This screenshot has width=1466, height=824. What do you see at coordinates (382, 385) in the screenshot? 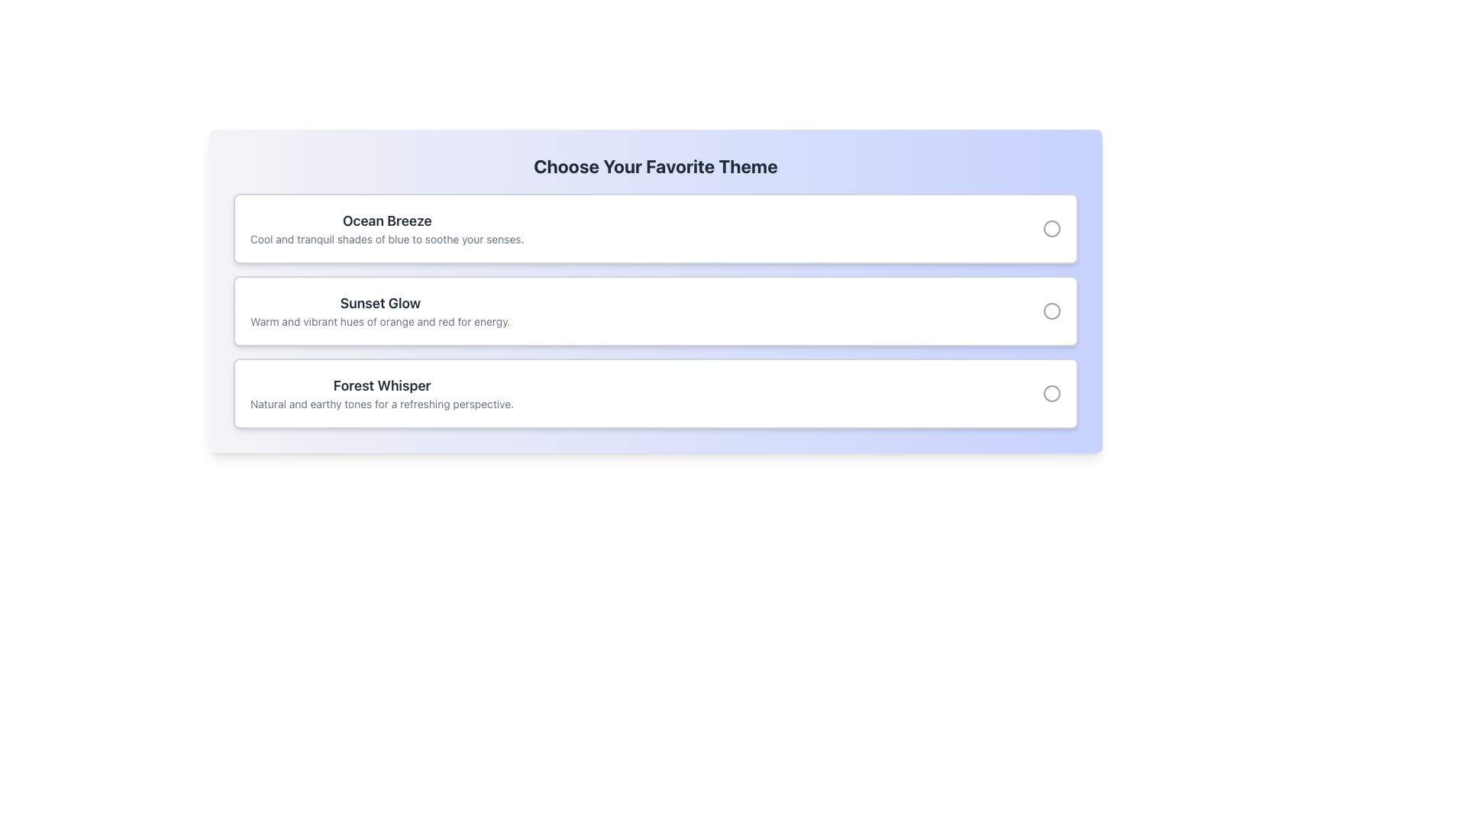
I see `the text 'Forest Whisper' which is the topmost text content of the third card in the vertically stacked group of selectable cards under the header 'Choose Your Favorite Theme'` at bounding box center [382, 385].